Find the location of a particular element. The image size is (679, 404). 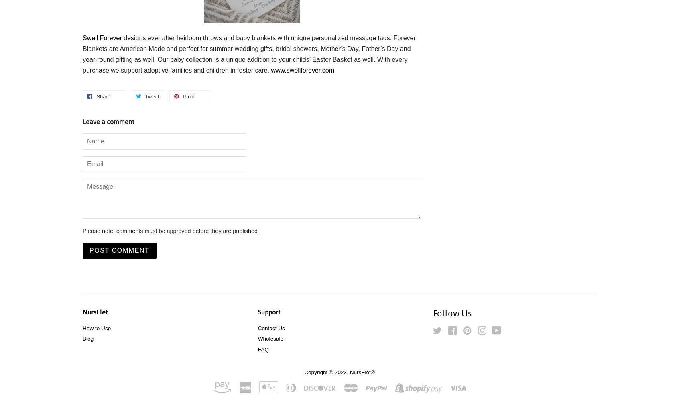

'www.swellforever.com' is located at coordinates (302, 70).